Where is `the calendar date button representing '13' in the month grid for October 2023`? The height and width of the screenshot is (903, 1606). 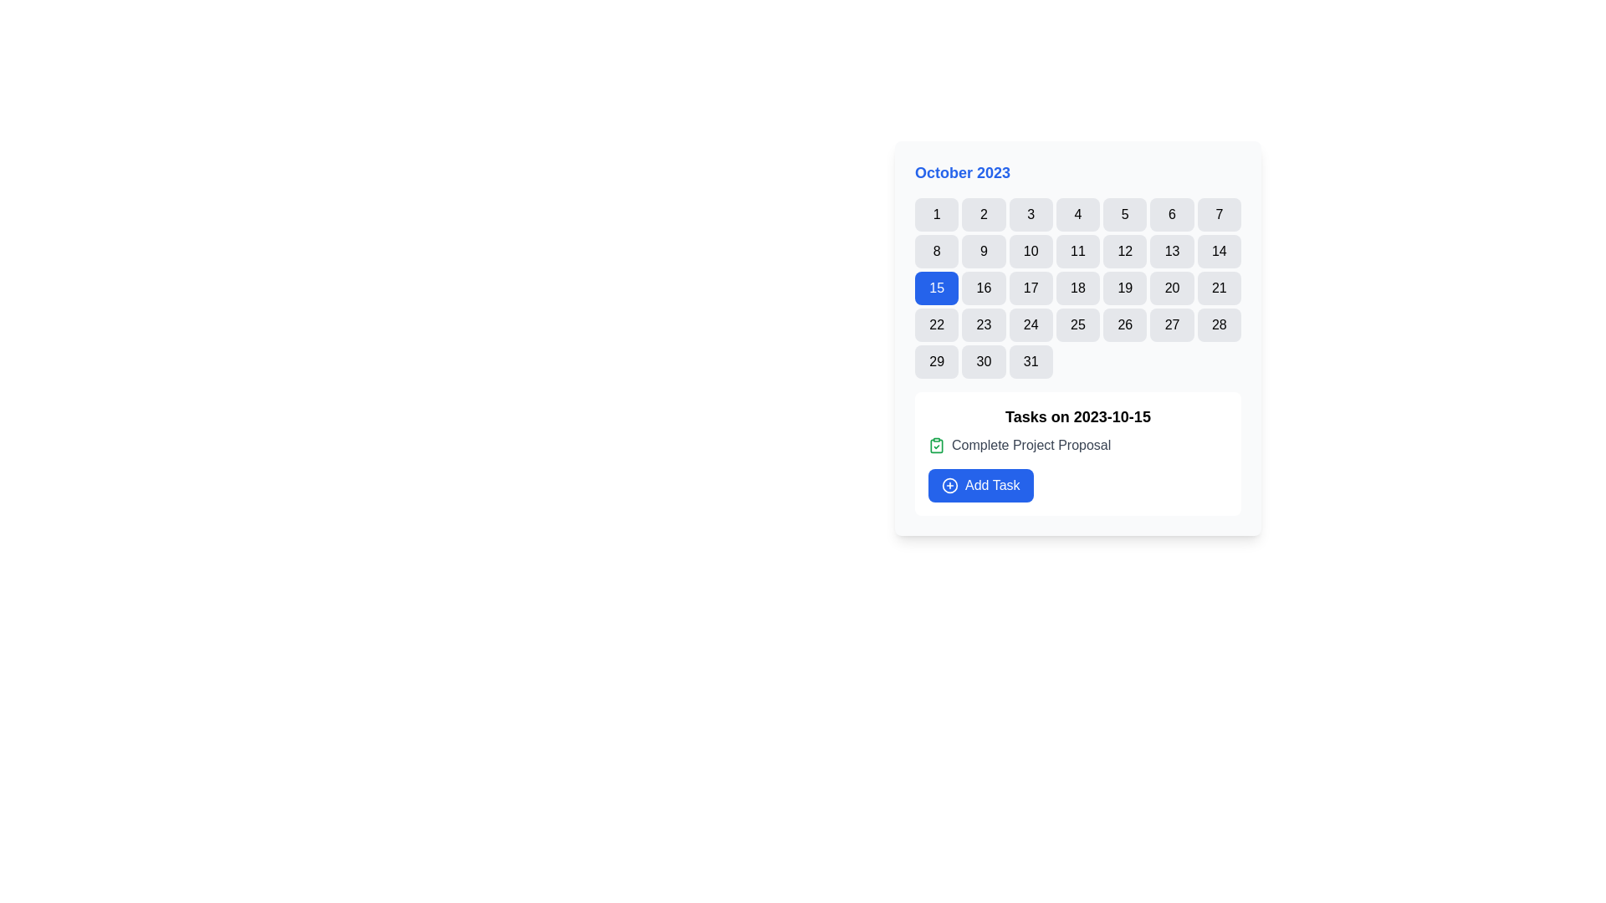 the calendar date button representing '13' in the month grid for October 2023 is located at coordinates (1171, 251).